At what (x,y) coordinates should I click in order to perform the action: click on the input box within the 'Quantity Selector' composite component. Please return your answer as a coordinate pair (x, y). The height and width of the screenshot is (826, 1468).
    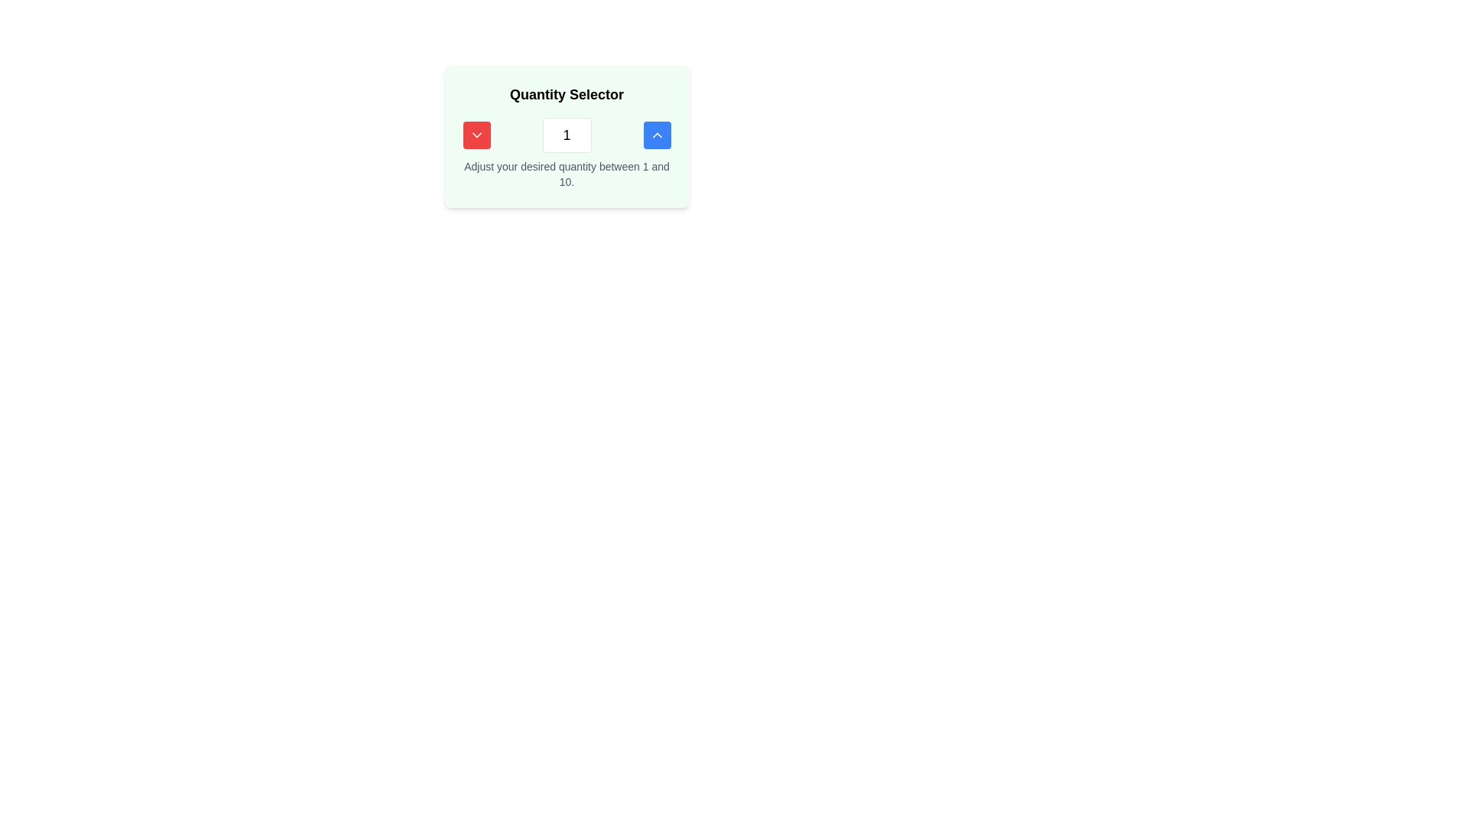
    Looking at the image, I should click on (566, 135).